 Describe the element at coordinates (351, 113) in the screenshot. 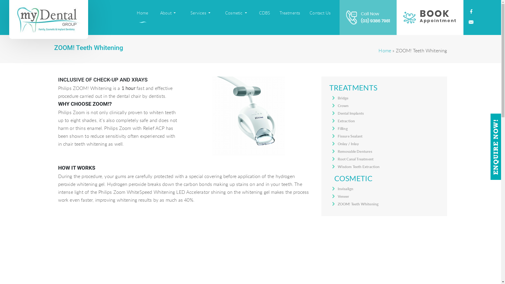

I see `'Dental Implants'` at that location.